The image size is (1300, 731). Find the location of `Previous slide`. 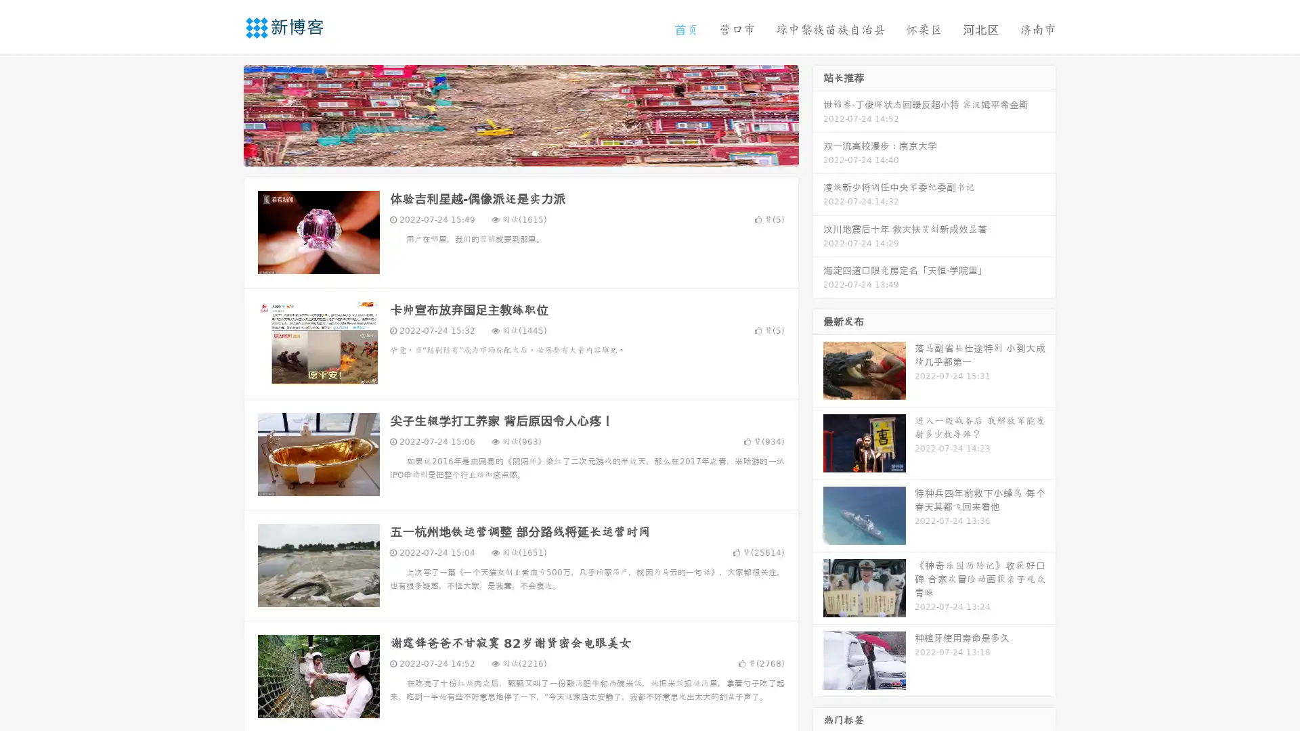

Previous slide is located at coordinates (223, 114).